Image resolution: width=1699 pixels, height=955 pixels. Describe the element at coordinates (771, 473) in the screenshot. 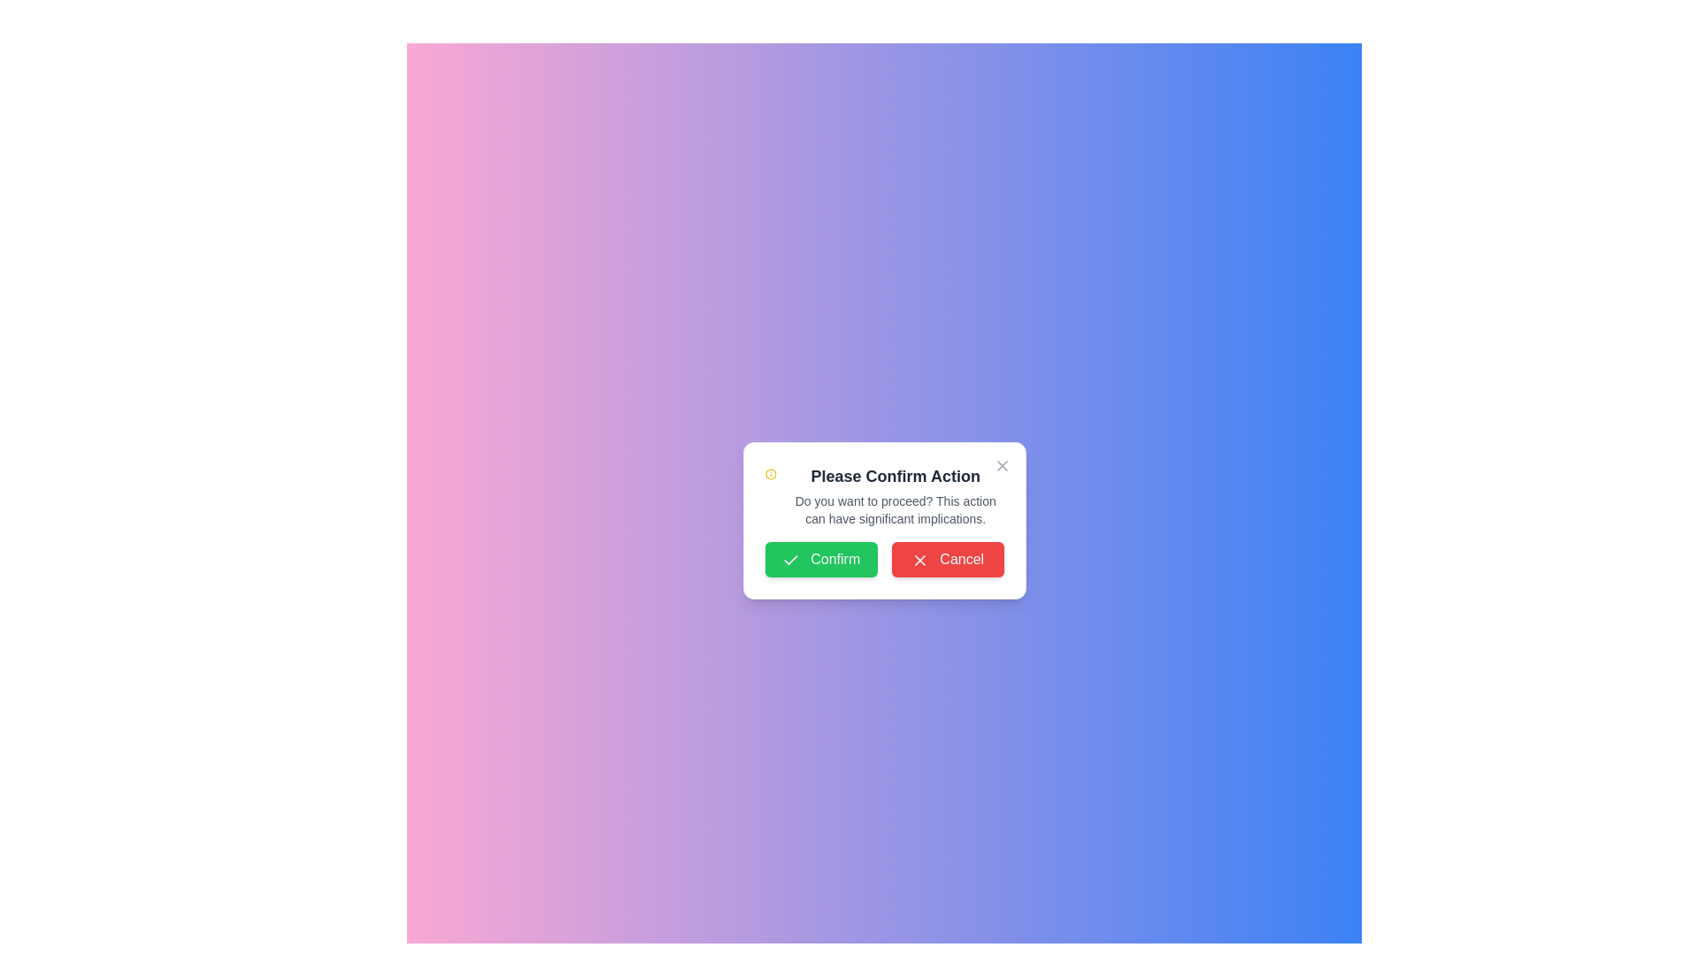

I see `the yellow circular border of the graphical element located in the top left corner of the dialog box titled 'Please Confirm Action'` at that location.